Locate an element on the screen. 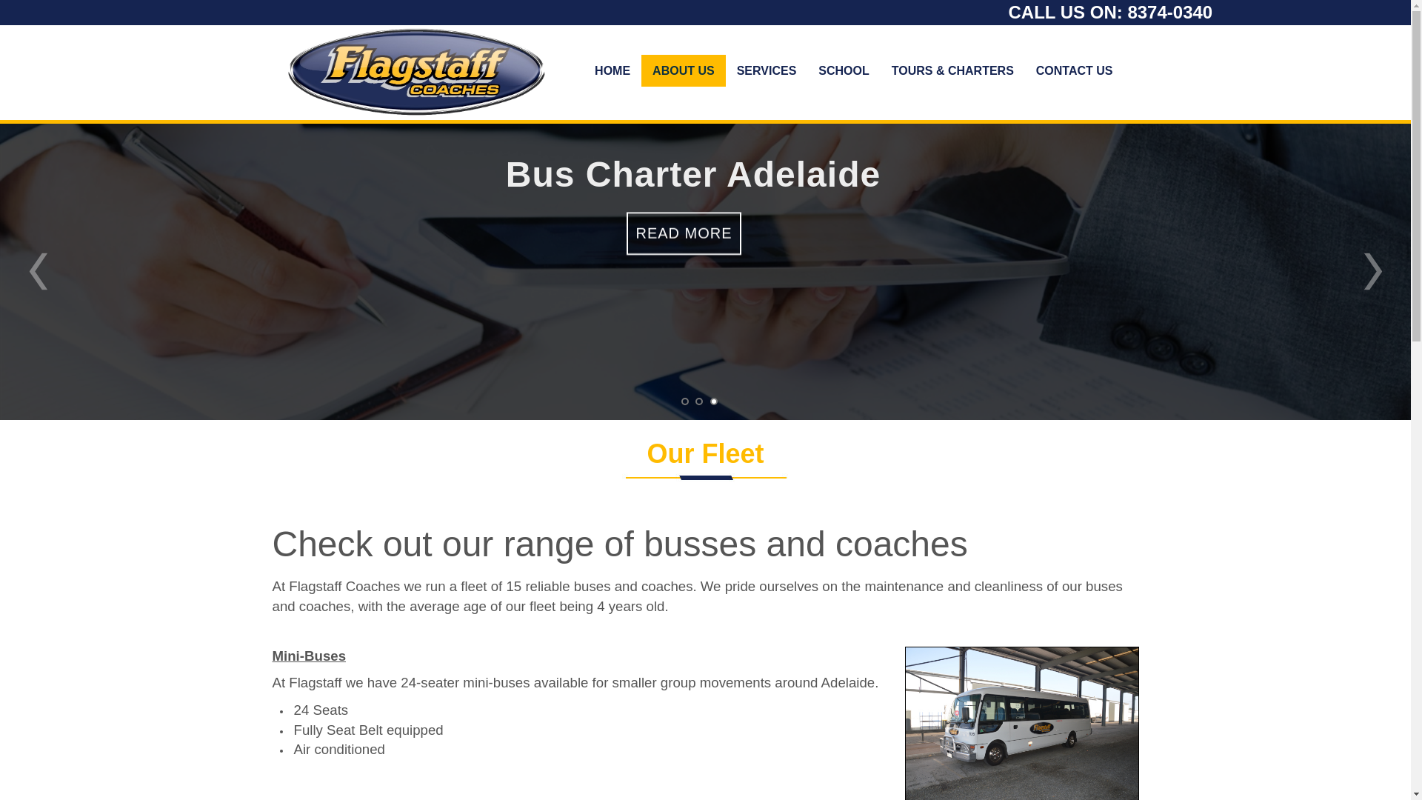  'CONTACT US' is located at coordinates (1024, 70).